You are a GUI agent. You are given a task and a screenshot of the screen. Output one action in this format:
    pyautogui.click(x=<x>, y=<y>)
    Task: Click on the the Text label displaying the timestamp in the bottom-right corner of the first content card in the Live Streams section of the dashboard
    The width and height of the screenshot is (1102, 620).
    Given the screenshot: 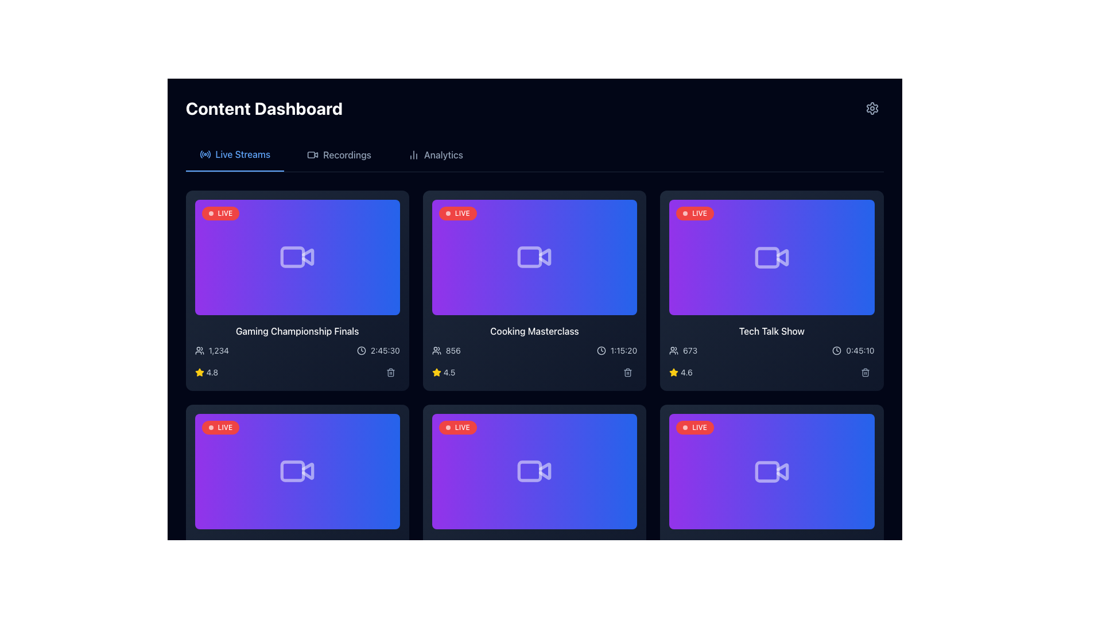 What is the action you would take?
    pyautogui.click(x=385, y=350)
    